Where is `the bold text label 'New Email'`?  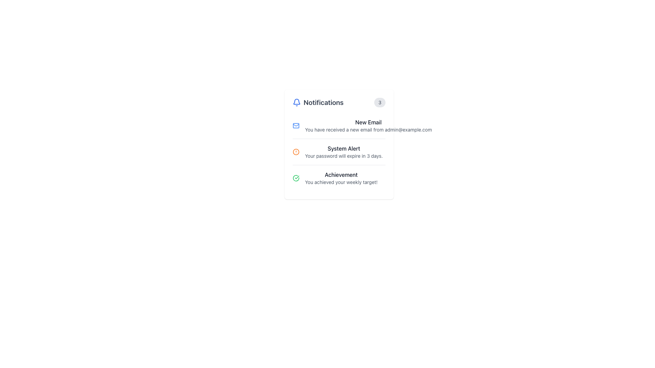 the bold text label 'New Email' is located at coordinates (368, 122).